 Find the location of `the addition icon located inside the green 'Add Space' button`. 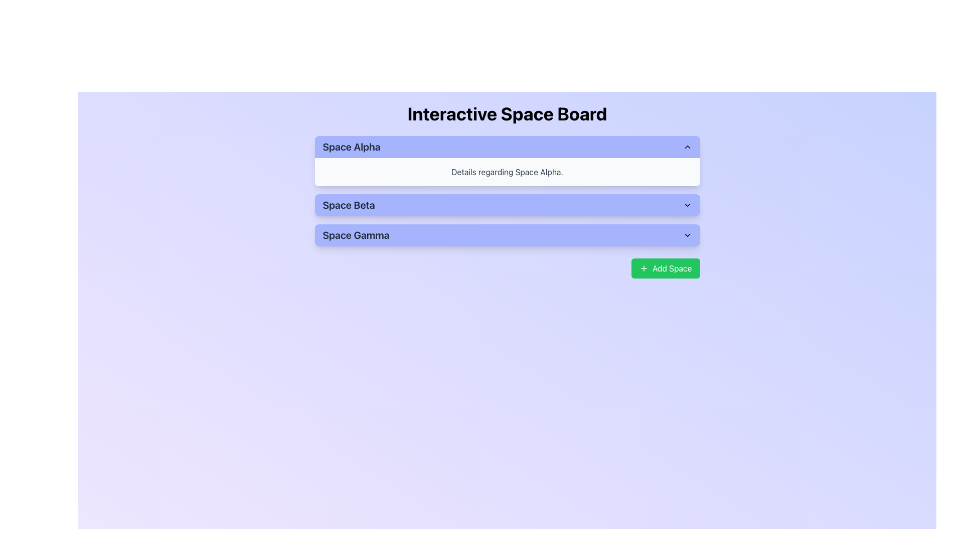

the addition icon located inside the green 'Add Space' button is located at coordinates (644, 268).